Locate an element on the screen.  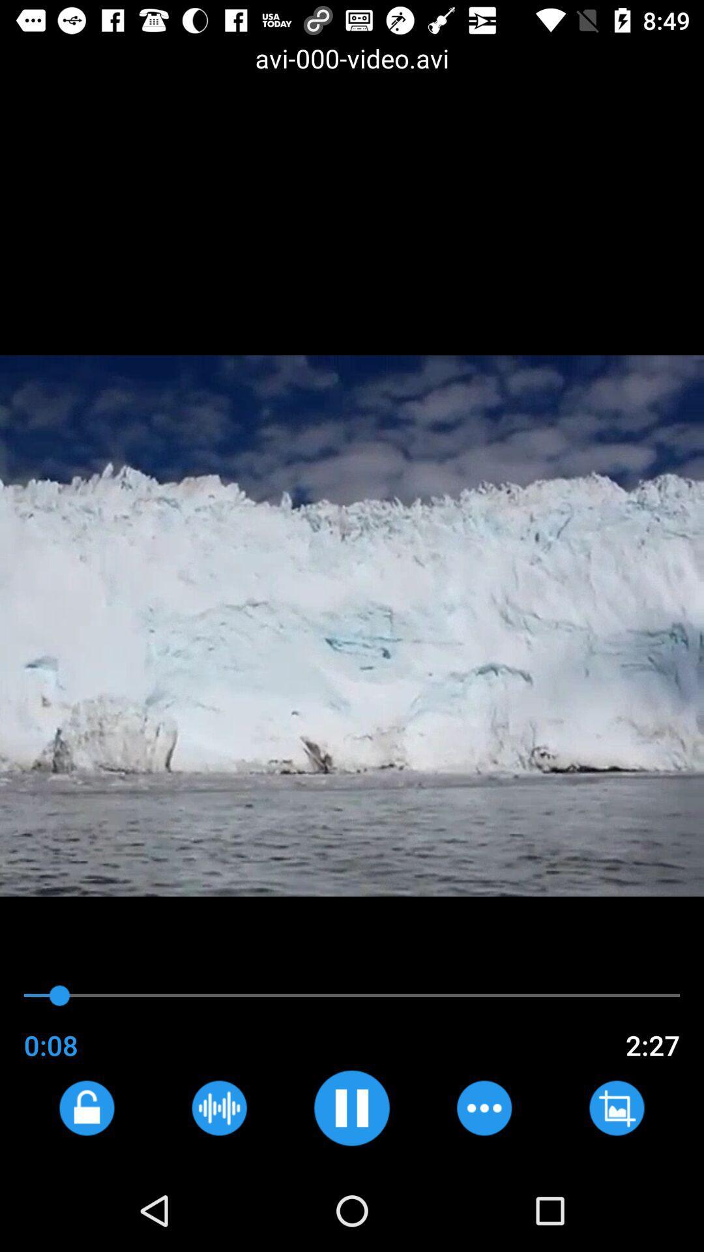
lock the screen is located at coordinates (87, 1107).